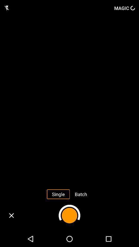  I want to click on the icon at the top right corner, so click(124, 8).